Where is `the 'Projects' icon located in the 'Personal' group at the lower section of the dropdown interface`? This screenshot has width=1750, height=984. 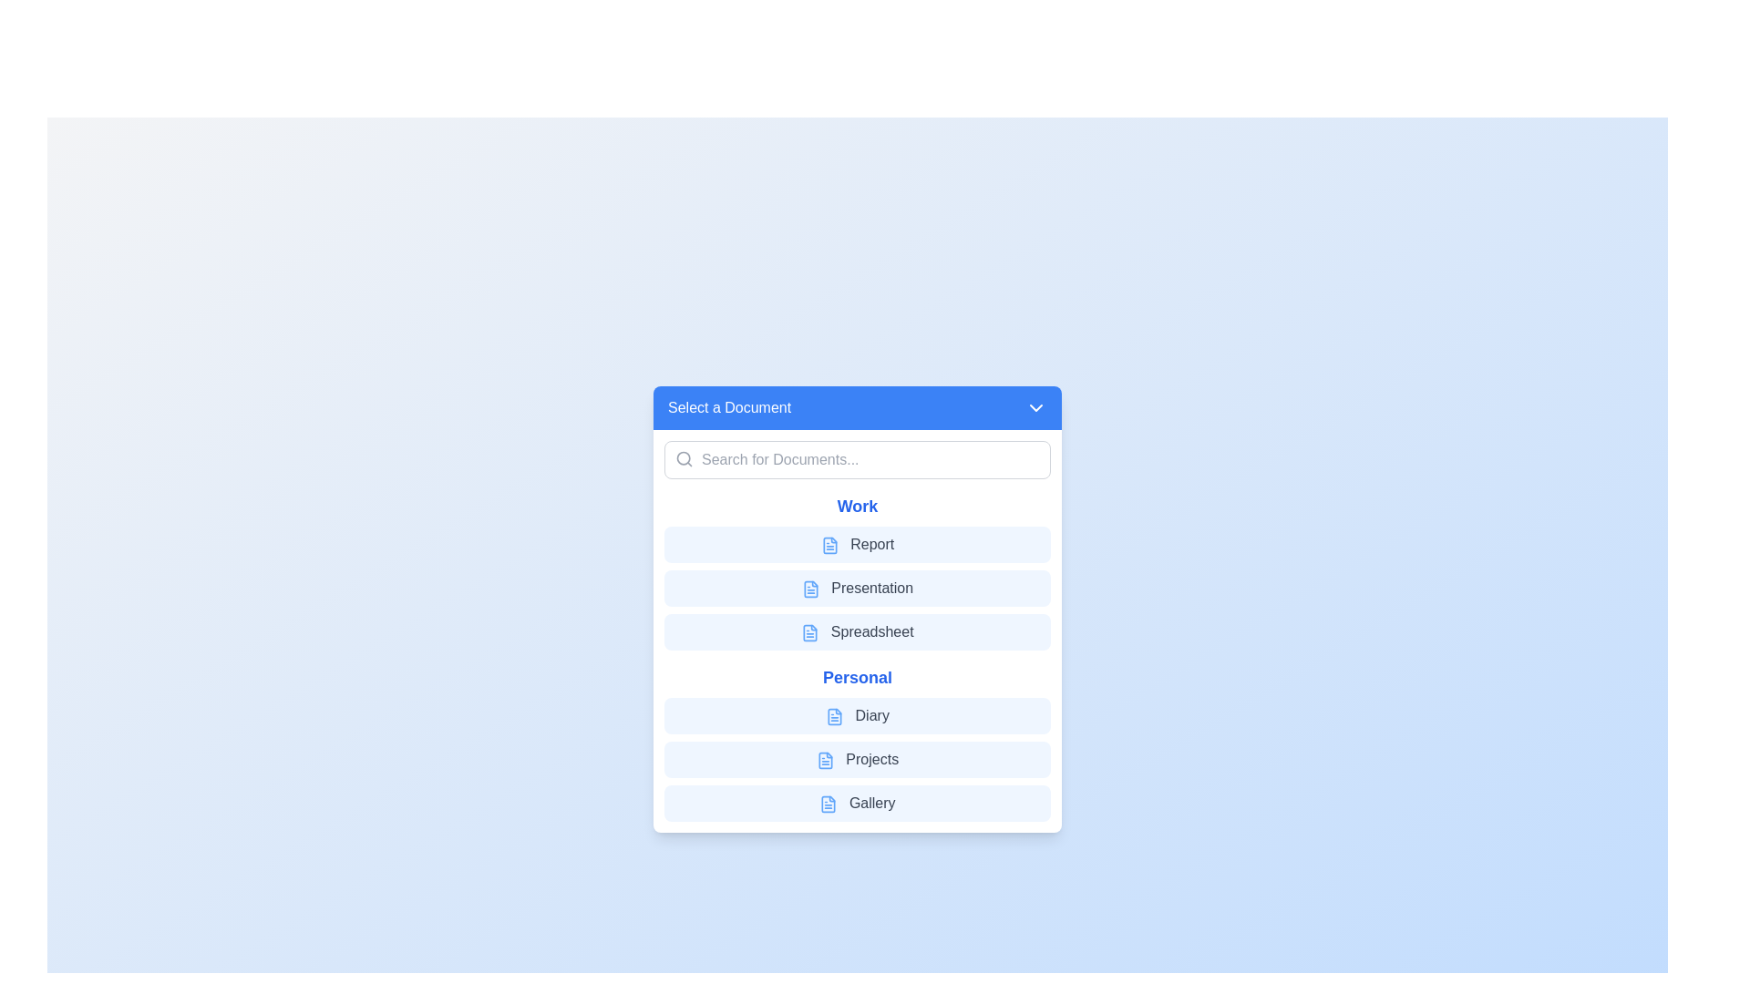
the 'Projects' icon located in the 'Personal' group at the lower section of the dropdown interface is located at coordinates (824, 760).